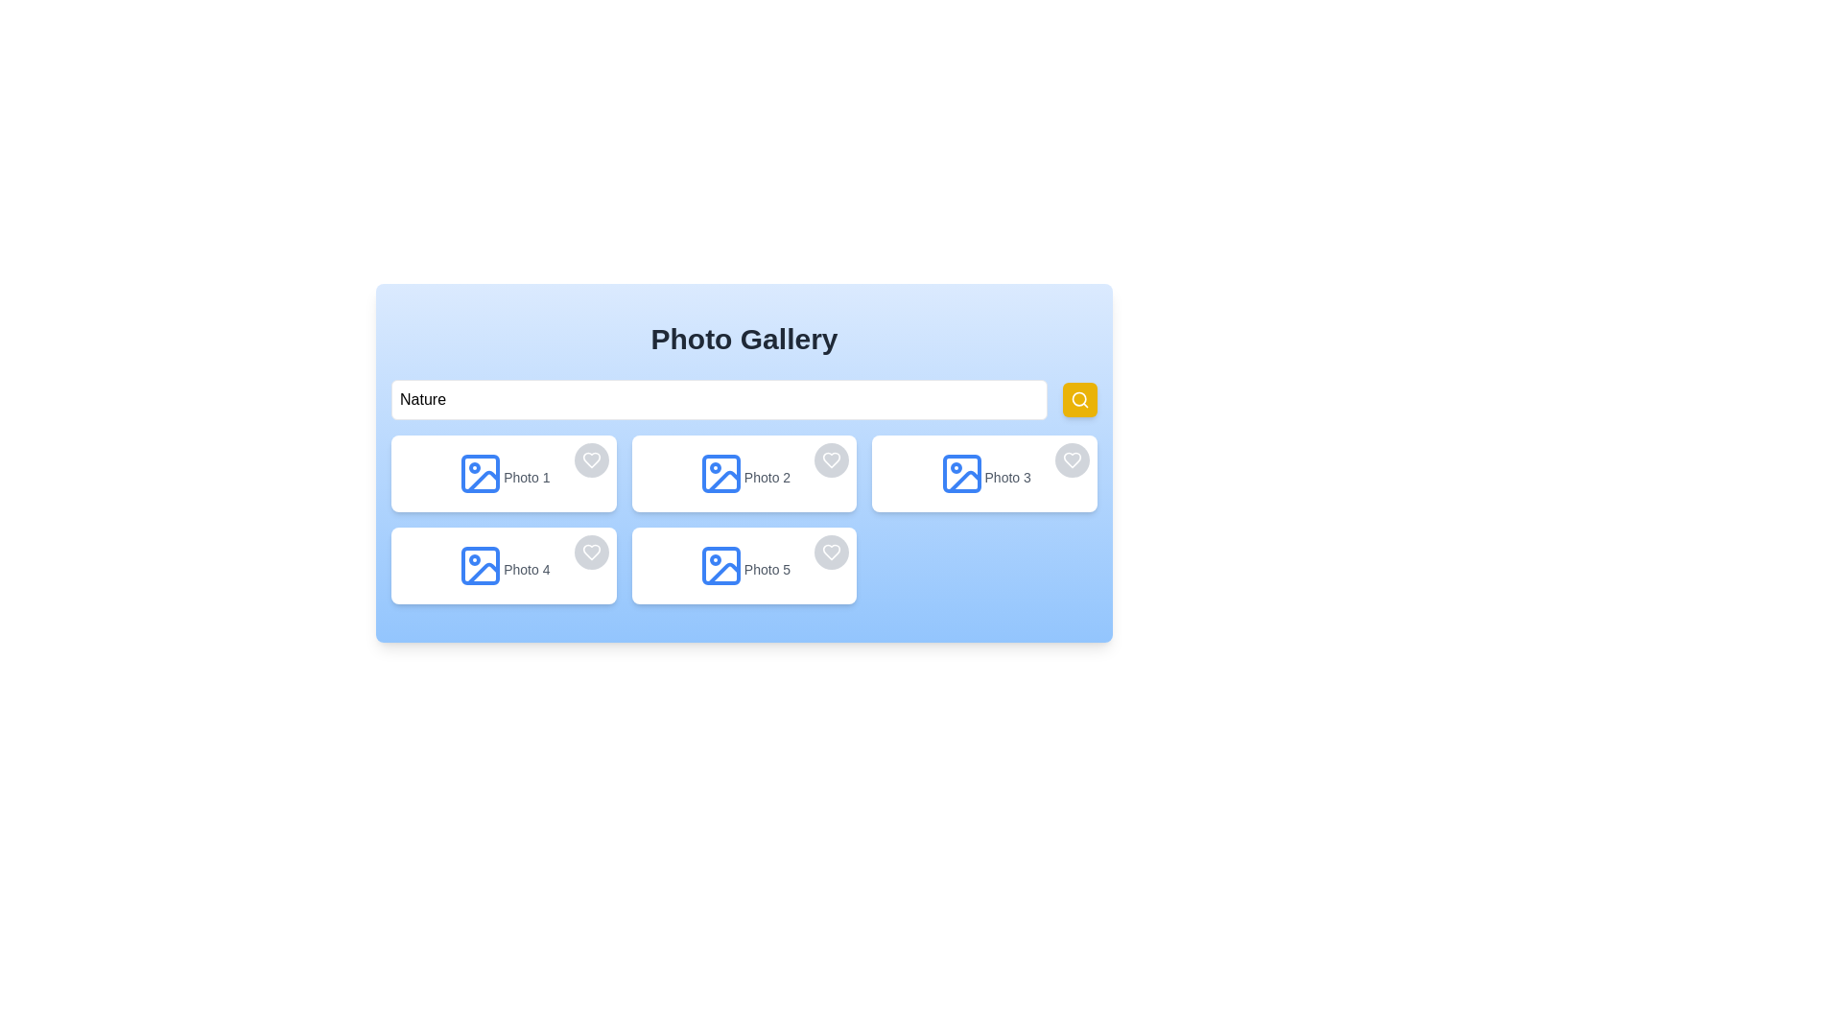 The width and height of the screenshot is (1842, 1036). Describe the element at coordinates (720, 565) in the screenshot. I see `the blue line-drawn photo icon within the white card labeled 'Photo 5', located in the bottom row, second column of the grid layout` at that location.